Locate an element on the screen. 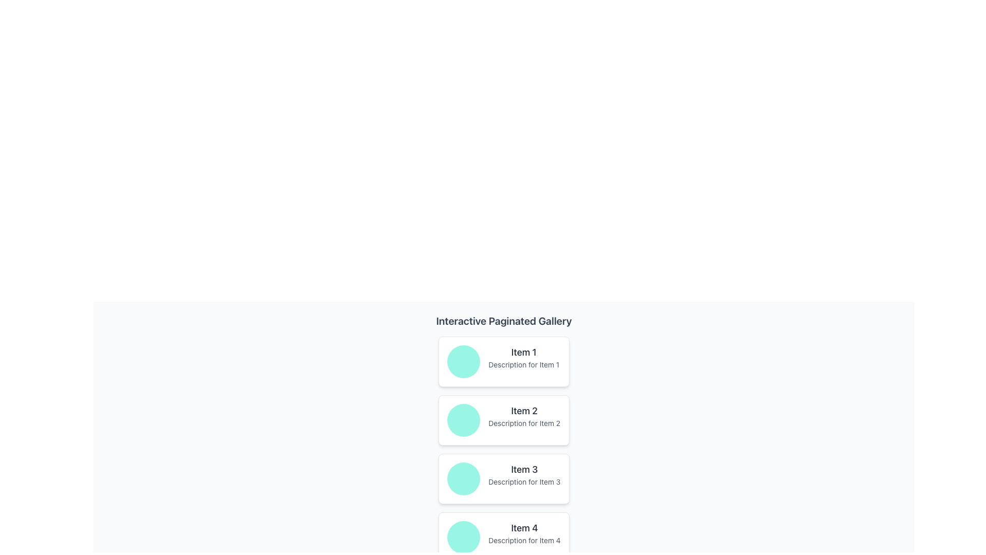  text content of the component displaying 'Description for Item 3' which is a small, gray text aligned below the title 'Item 3' in a card-like structure is located at coordinates (524, 482).